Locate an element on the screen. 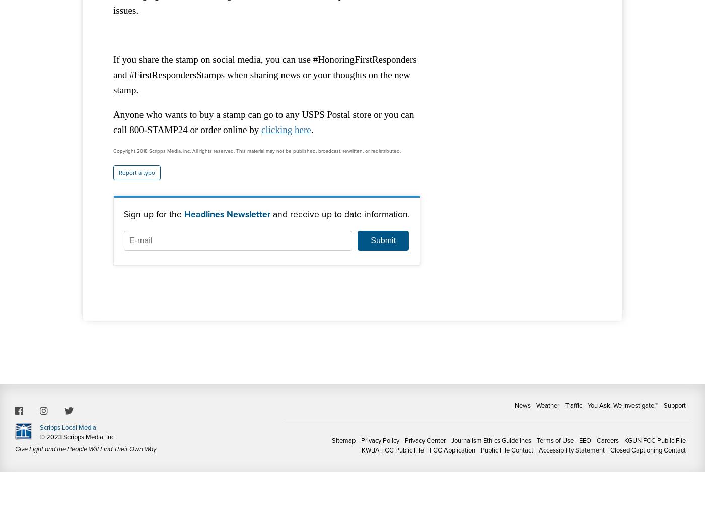 This screenshot has height=516, width=705. 'You Ask. We Investigate.™' is located at coordinates (623, 405).